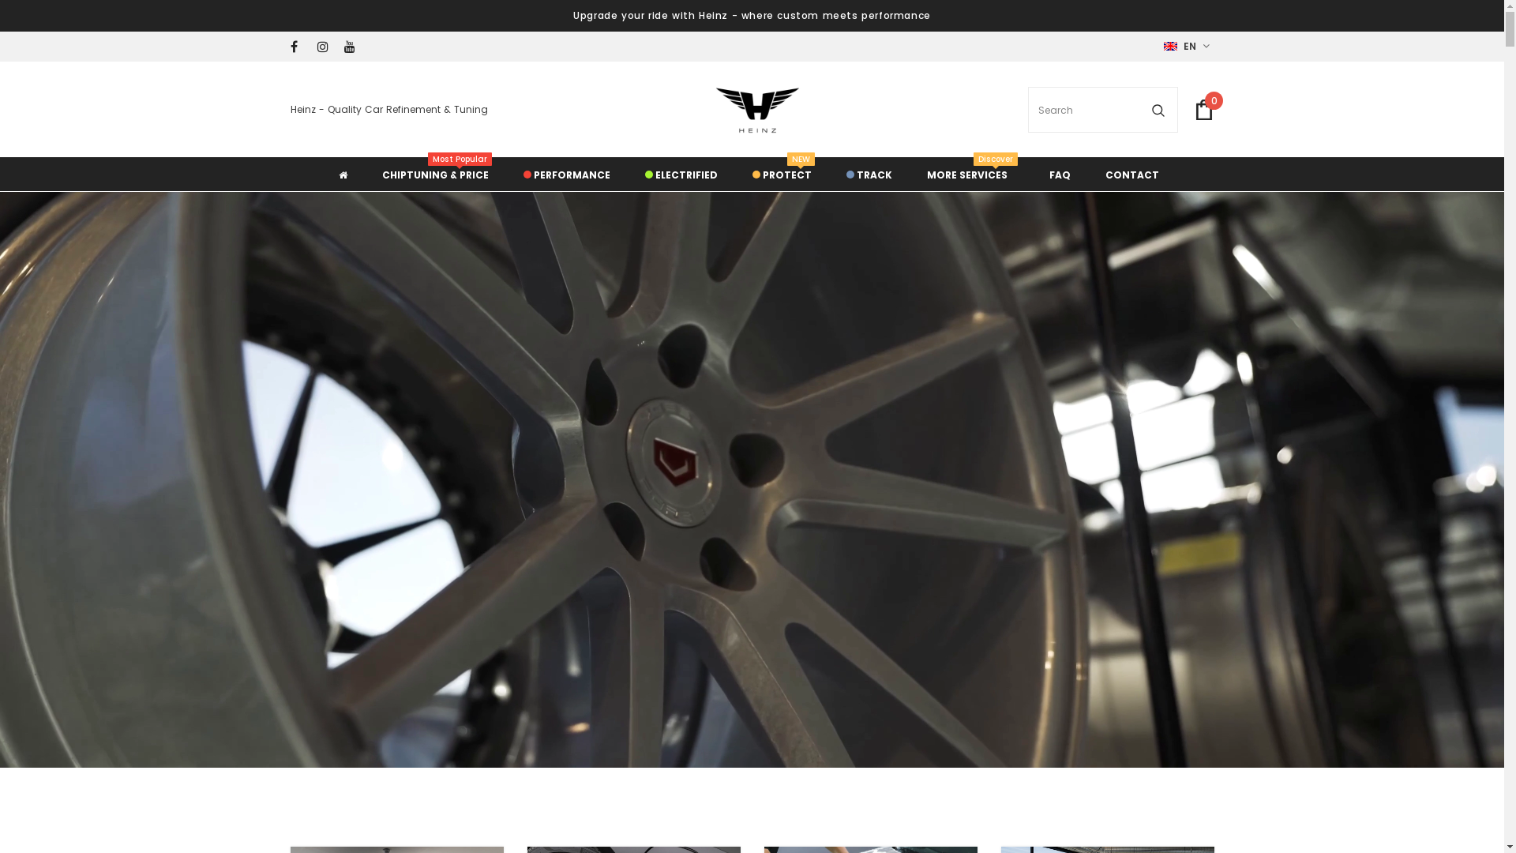 The width and height of the screenshot is (1516, 853). What do you see at coordinates (1203, 108) in the screenshot?
I see `'0'` at bounding box center [1203, 108].